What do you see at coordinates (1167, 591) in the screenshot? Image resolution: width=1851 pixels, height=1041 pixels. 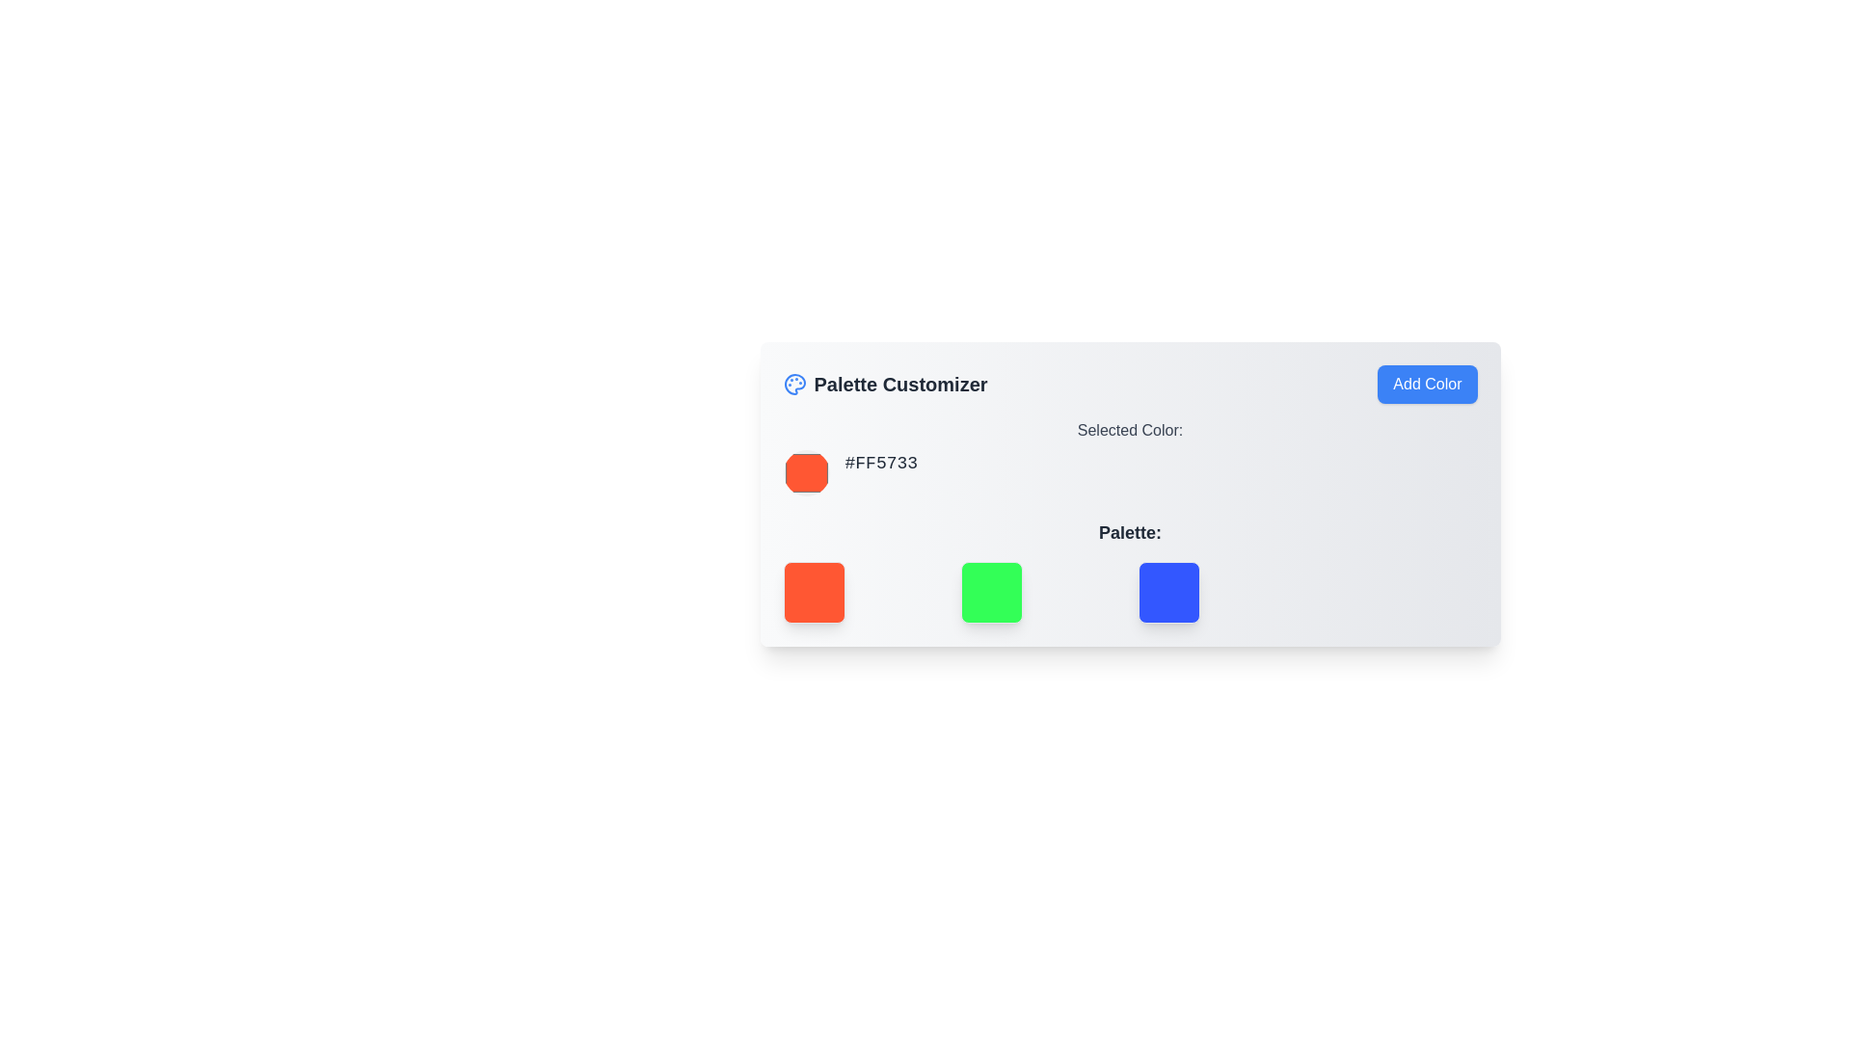 I see `the third square in the color selection palette, which is located in the bottom-right area of the palette customization card, just to the left of the 'Add Color' button` at bounding box center [1167, 591].